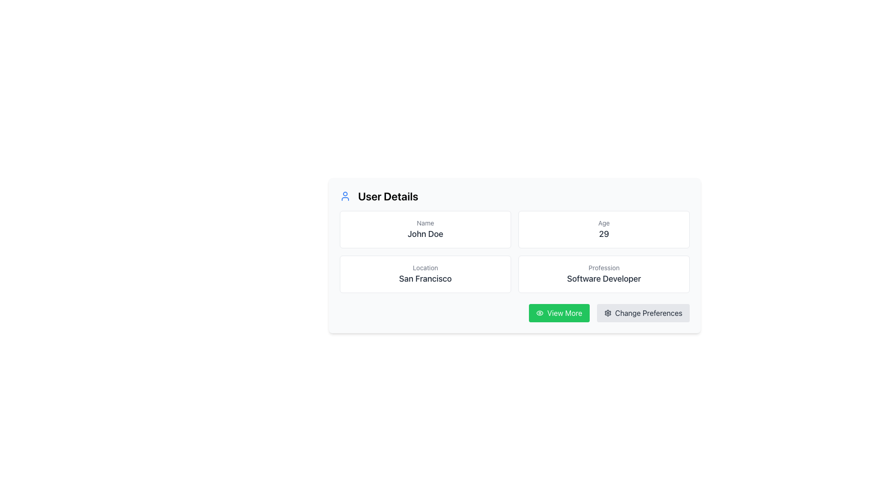 The width and height of the screenshot is (877, 493). What do you see at coordinates (604, 229) in the screenshot?
I see `the static information card displaying 'Age' with the value '29', located in the top-right section of a 2x2 grid layout` at bounding box center [604, 229].